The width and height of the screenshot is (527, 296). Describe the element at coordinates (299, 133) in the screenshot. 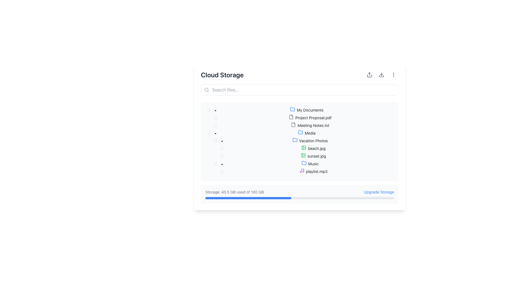

I see `the 'Media' folder in the tree structure` at that location.